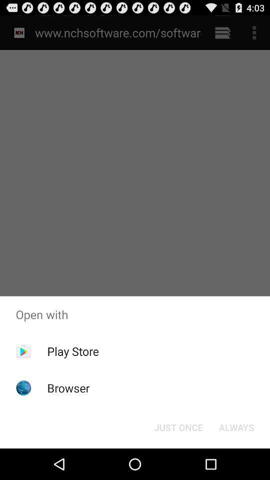  Describe the element at coordinates (236, 426) in the screenshot. I see `button next to just once button` at that location.